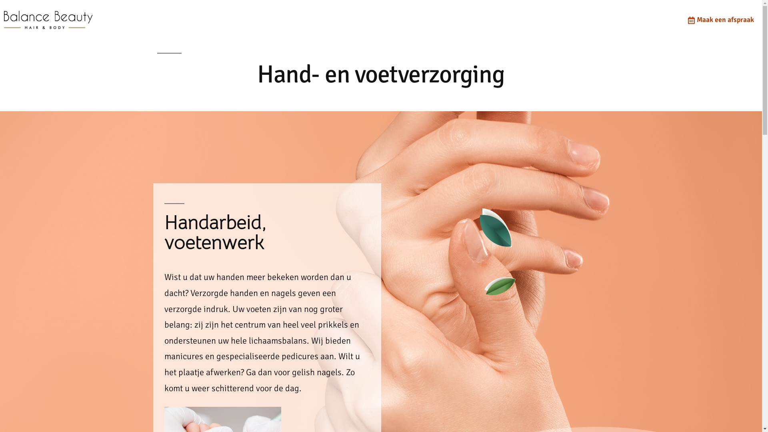  I want to click on 'Maak een afspraak', so click(720, 20).